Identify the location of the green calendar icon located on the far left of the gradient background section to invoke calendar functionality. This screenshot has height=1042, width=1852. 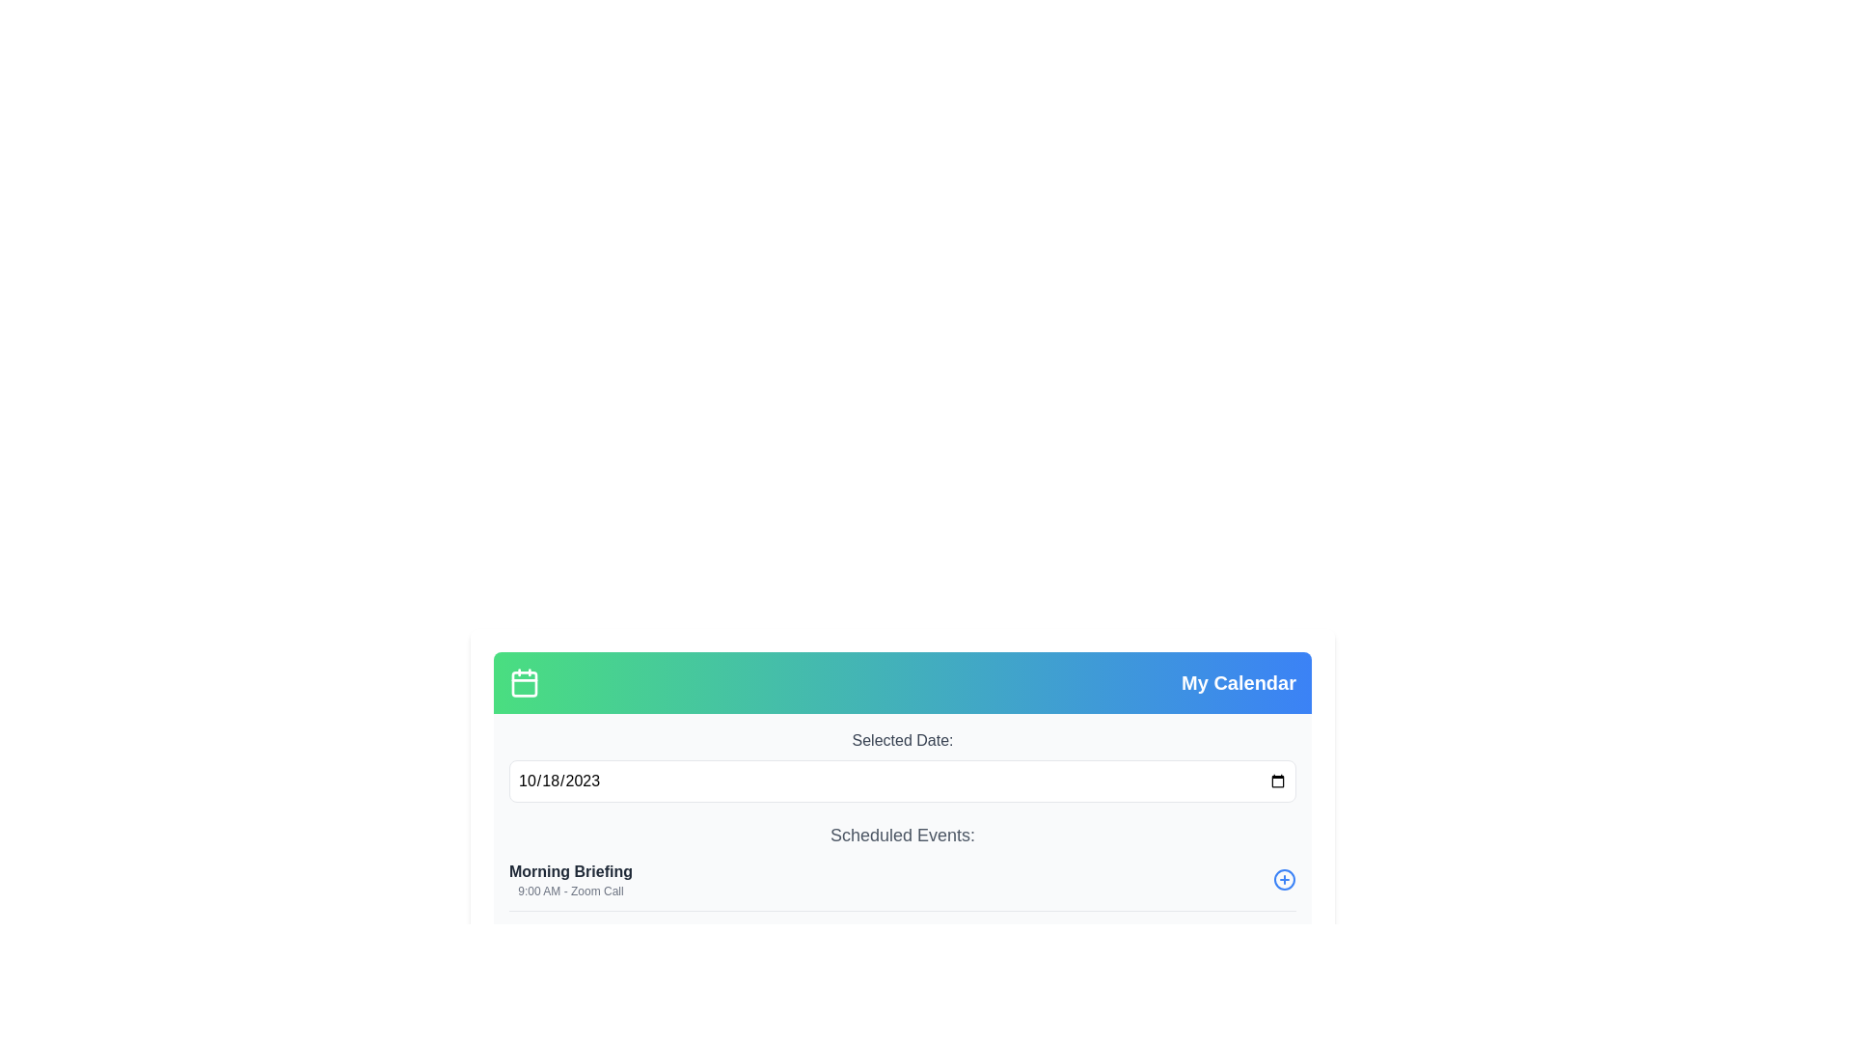
(524, 682).